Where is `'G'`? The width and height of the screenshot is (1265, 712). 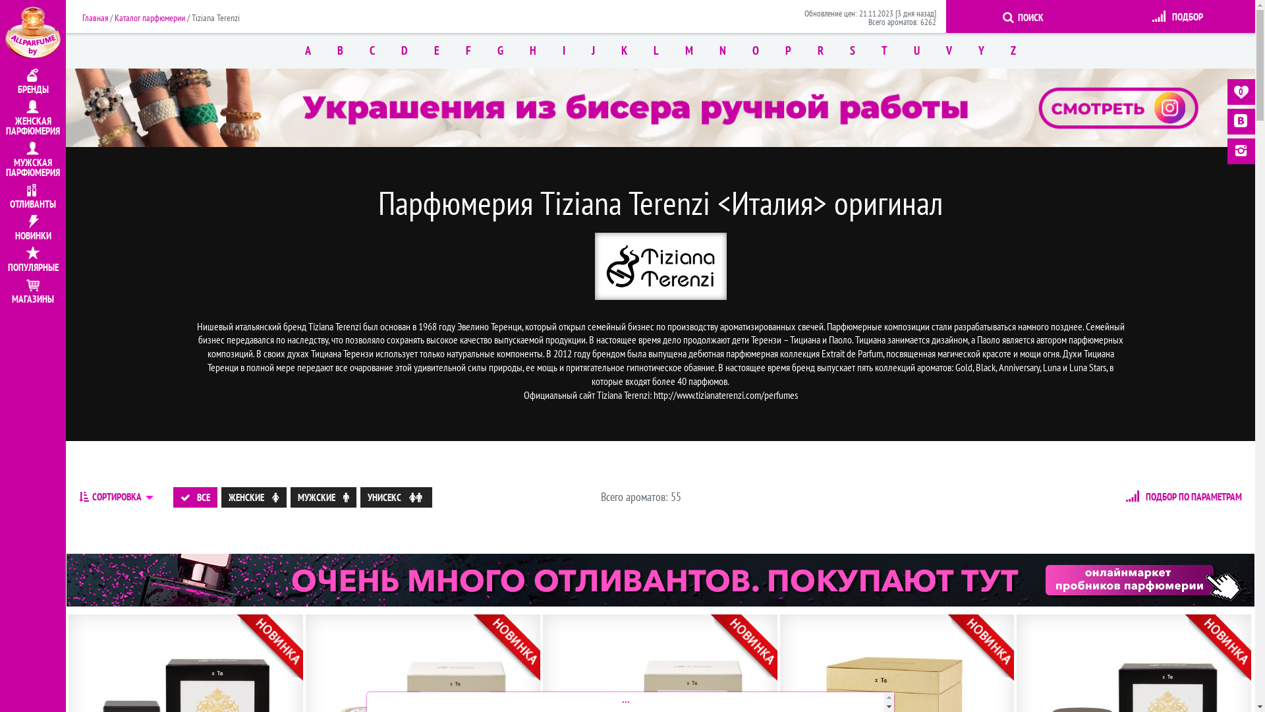 'G' is located at coordinates (499, 50).